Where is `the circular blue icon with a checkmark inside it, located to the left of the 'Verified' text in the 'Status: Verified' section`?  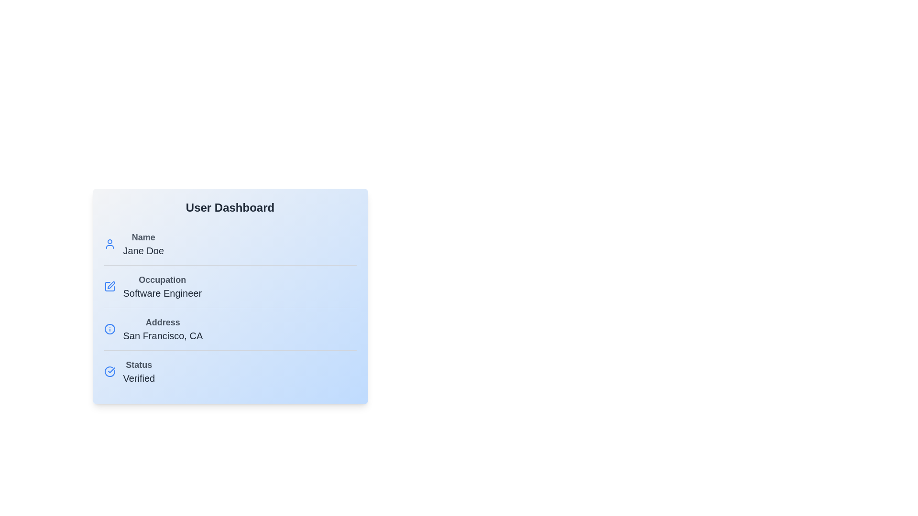 the circular blue icon with a checkmark inside it, located to the left of the 'Verified' text in the 'Status: Verified' section is located at coordinates (109, 371).